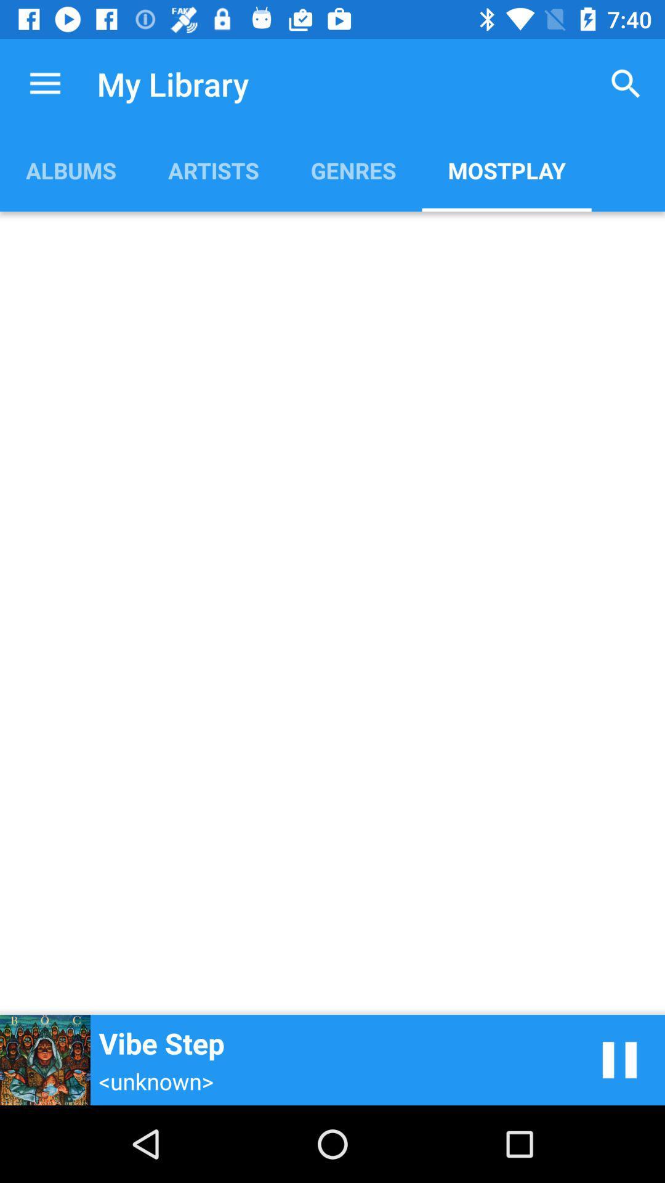 The height and width of the screenshot is (1183, 665). What do you see at coordinates (626, 83) in the screenshot?
I see `the item to the right of genres` at bounding box center [626, 83].